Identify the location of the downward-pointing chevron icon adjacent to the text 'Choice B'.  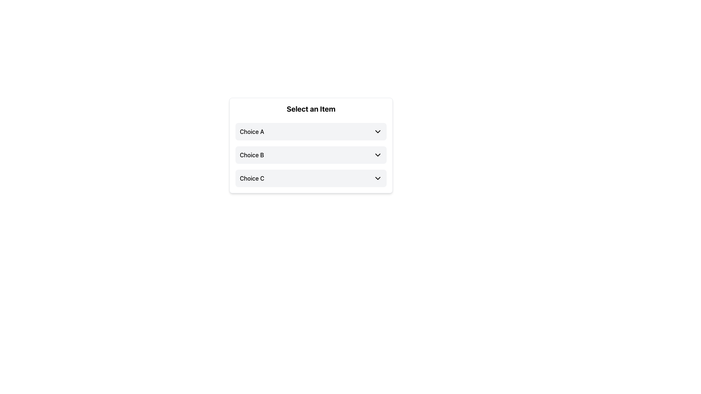
(378, 154).